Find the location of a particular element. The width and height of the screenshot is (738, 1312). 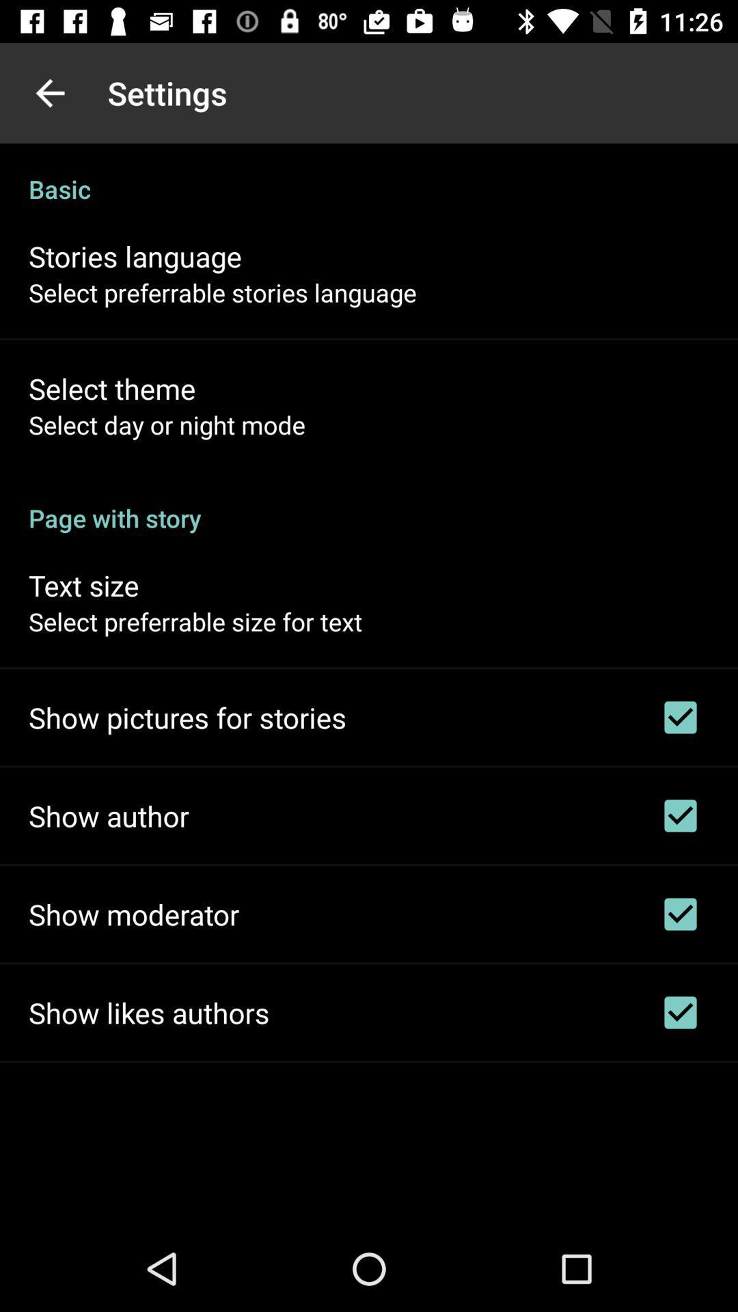

the icon above basic icon is located at coordinates (49, 92).